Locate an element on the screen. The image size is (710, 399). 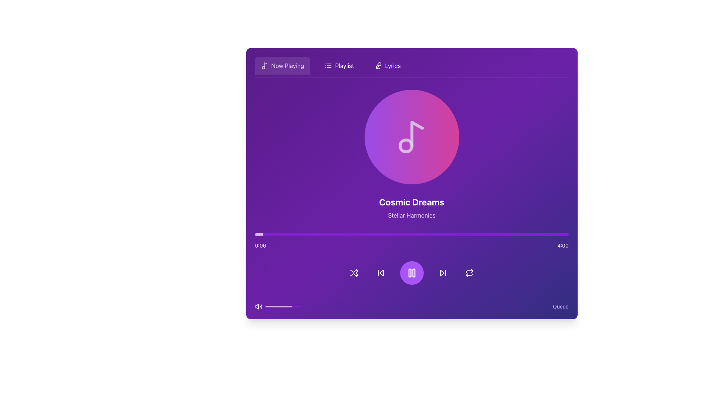
the static display component that shows the track title 'Cosmic Dreams' and subtitle 'Stellar Harmonies', located in the center of a purple rounded-rectangle card layout is located at coordinates (411, 187).